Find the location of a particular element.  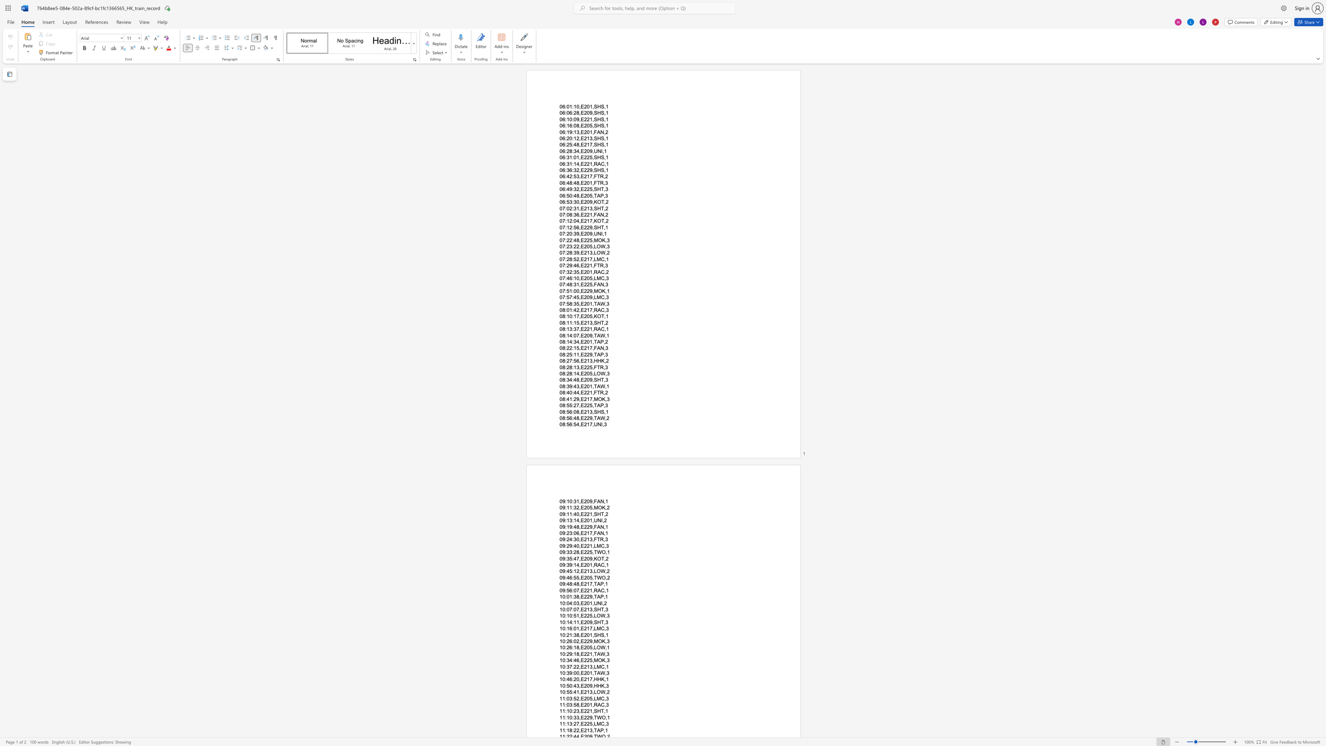

the subset text ":34,E209,UNI,1" within the text "06:28:34,E209,UNI,1" is located at coordinates (572, 150).